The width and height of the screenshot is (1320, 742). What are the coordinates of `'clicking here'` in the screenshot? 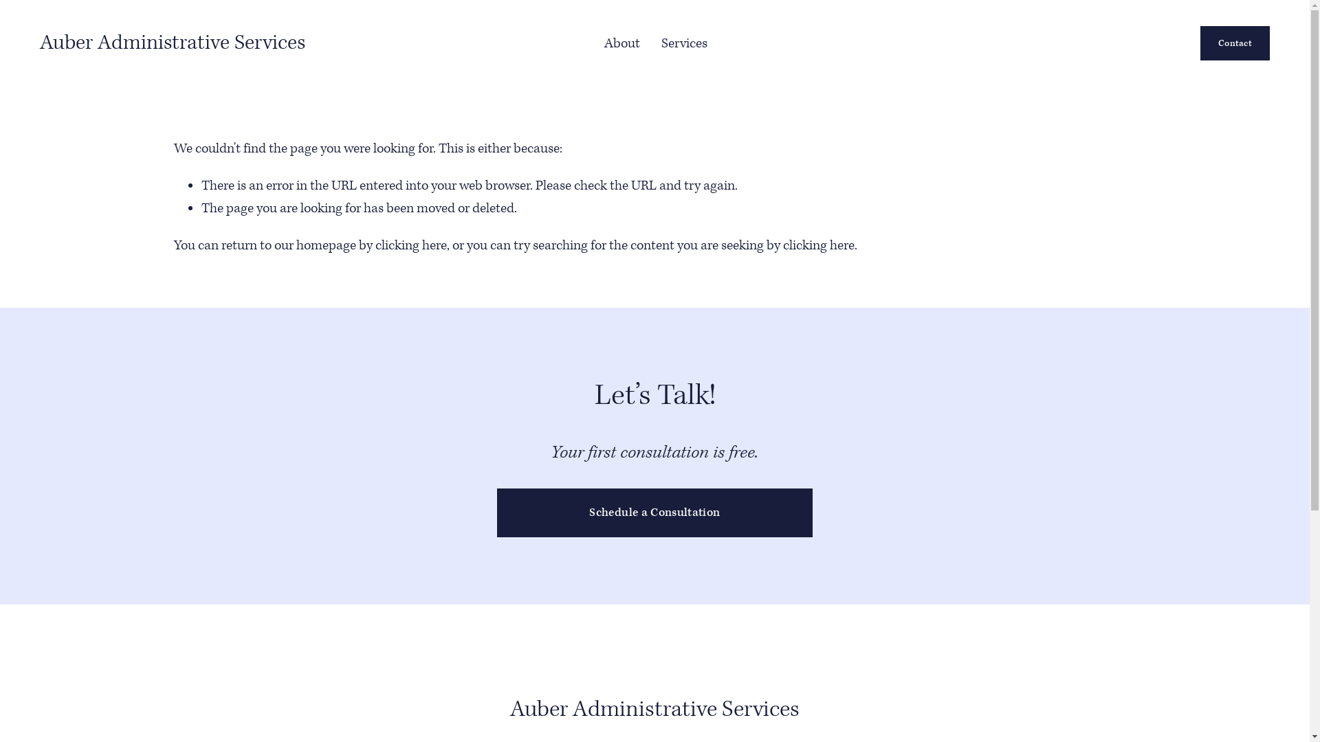 It's located at (818, 245).